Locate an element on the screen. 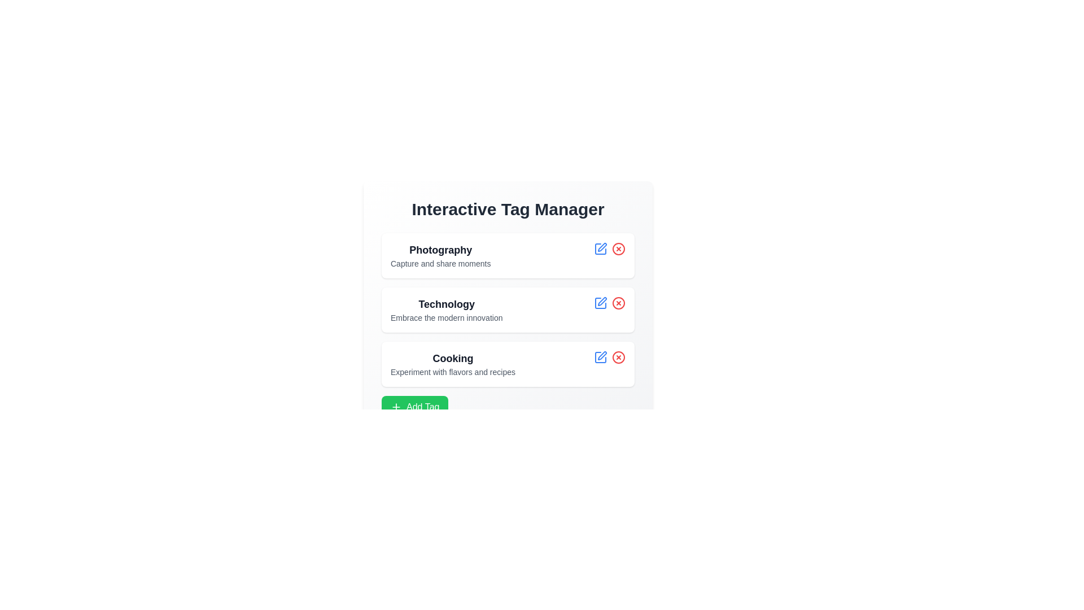  the text label displaying 'Embrace the modern innovation', which is located below the 'Technology' title and aligned centrally within the section is located at coordinates (446, 318).